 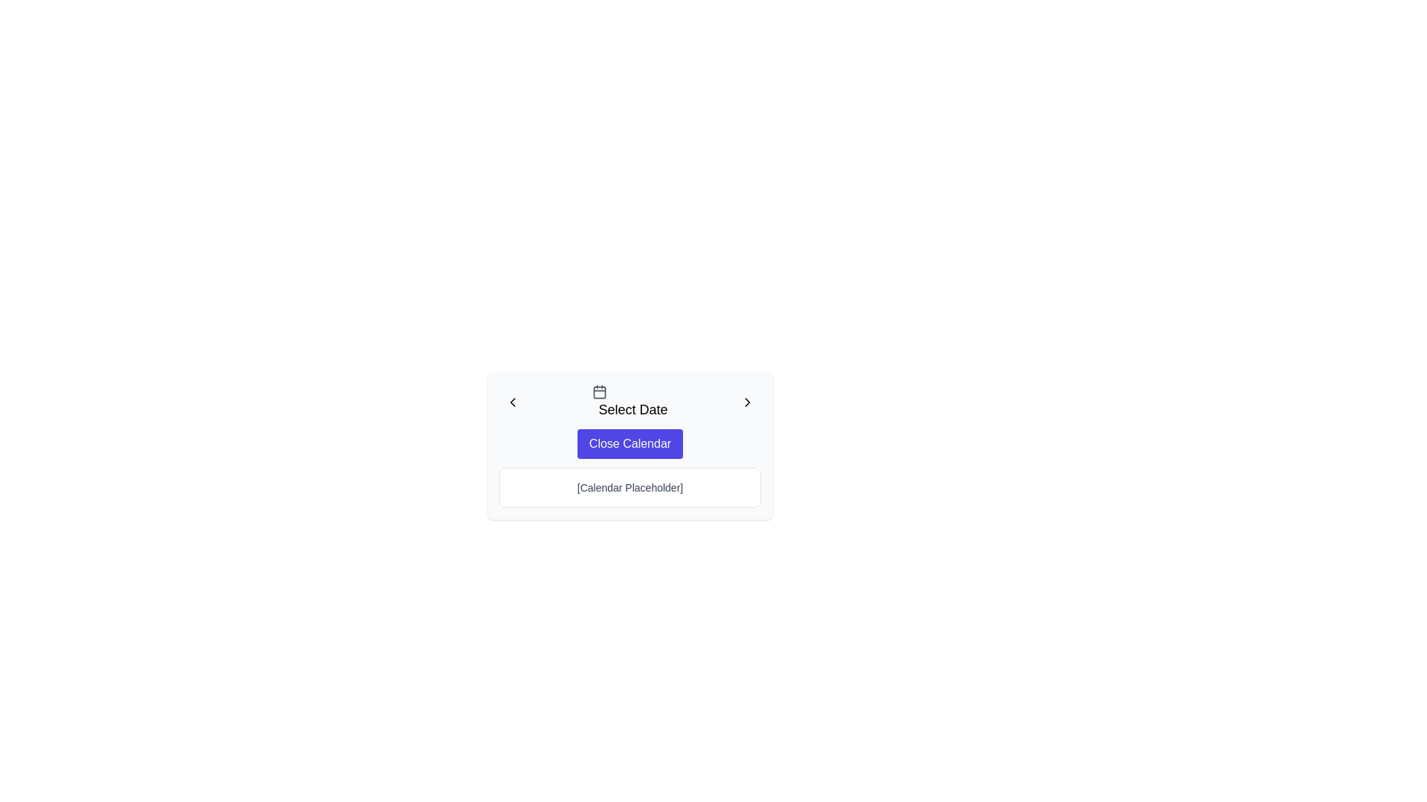 I want to click on the close button, so click(x=630, y=443).